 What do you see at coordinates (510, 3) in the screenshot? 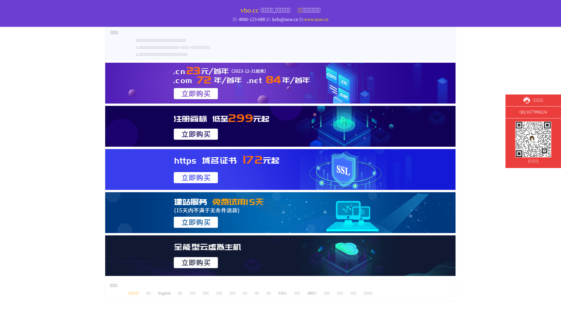
I see `'English'` at bounding box center [510, 3].